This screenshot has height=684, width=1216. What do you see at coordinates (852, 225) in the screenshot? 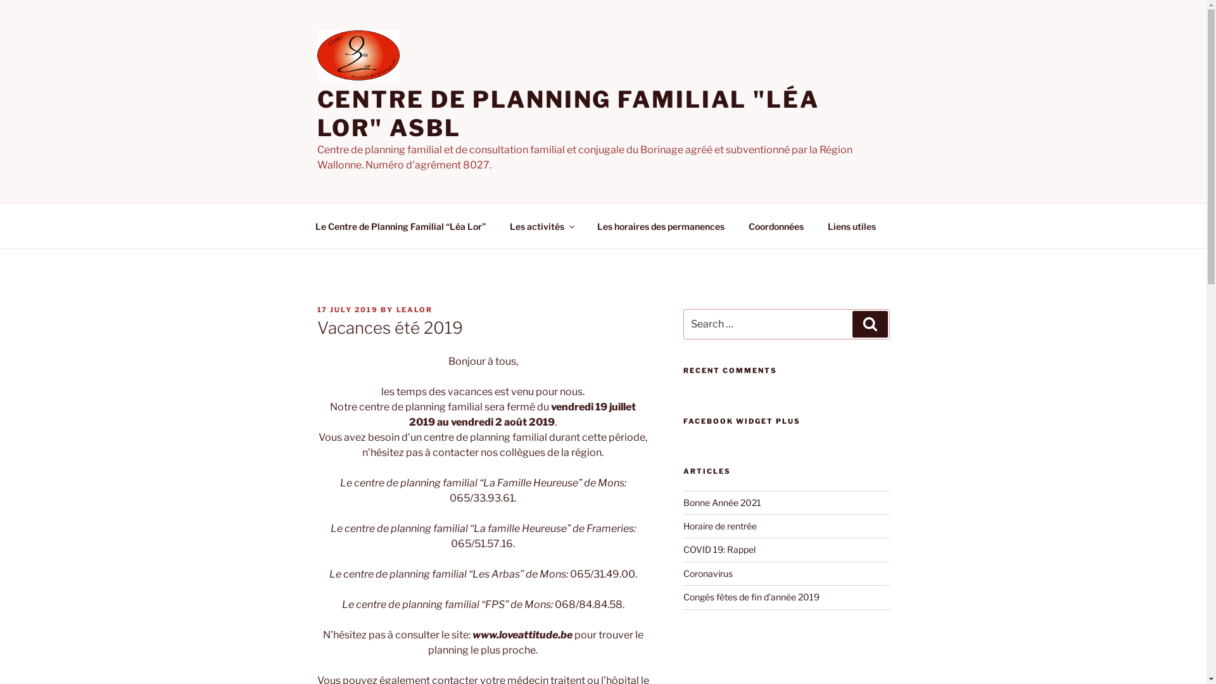
I see `'Liens utiles'` at bounding box center [852, 225].